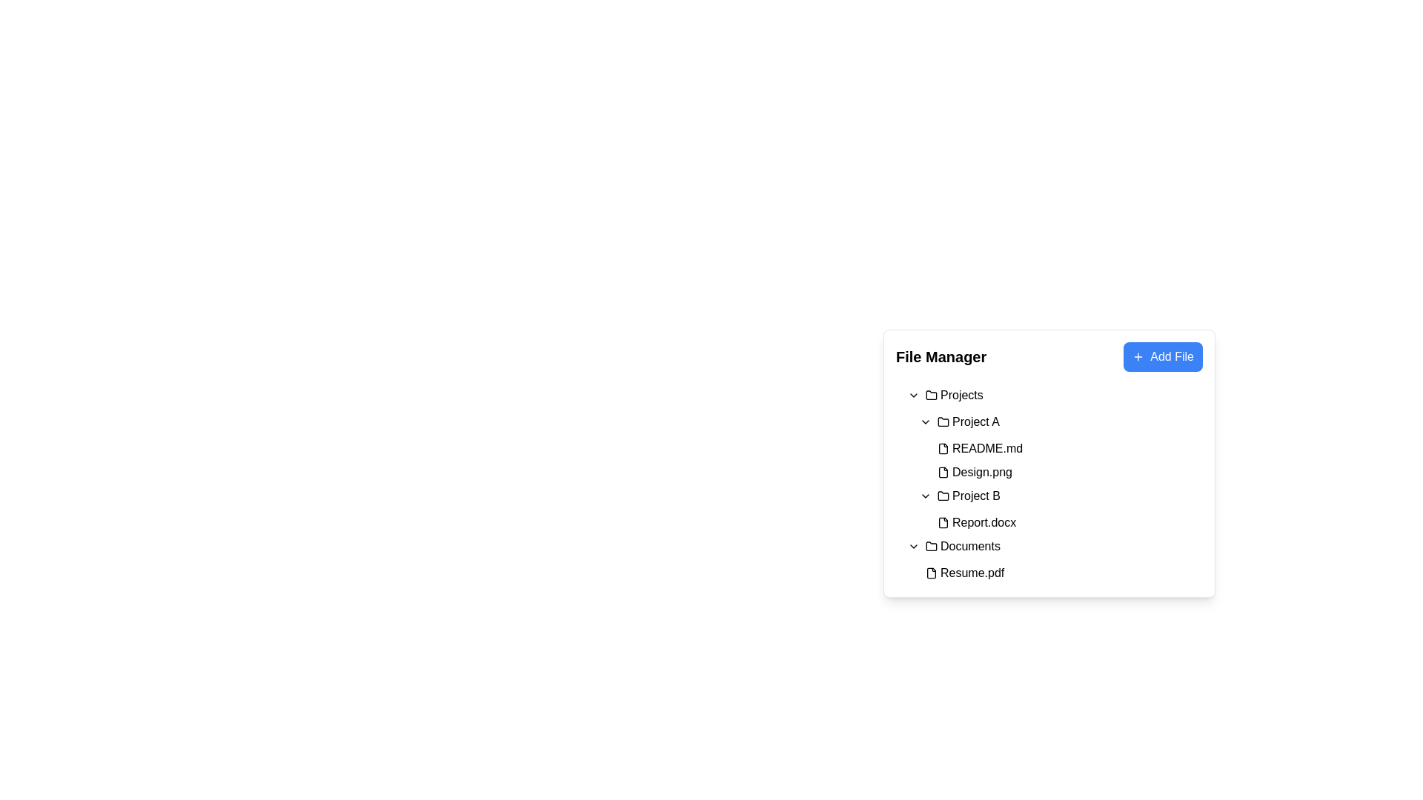 Image resolution: width=1423 pixels, height=800 pixels. What do you see at coordinates (1055, 447) in the screenshot?
I see `the file item labeled 'README.md', which is the first file under the 'Project A' folder in the file manager` at bounding box center [1055, 447].